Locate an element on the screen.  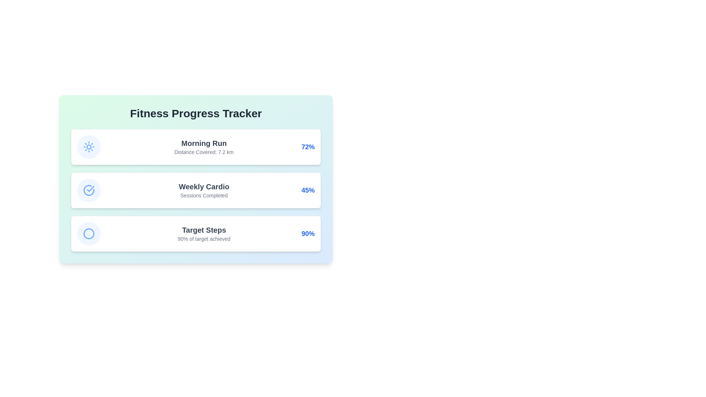
the status of the circular light blue icon with a blue checkmark that is located at the left side of the 'Weekly Cardio' card is located at coordinates (88, 190).